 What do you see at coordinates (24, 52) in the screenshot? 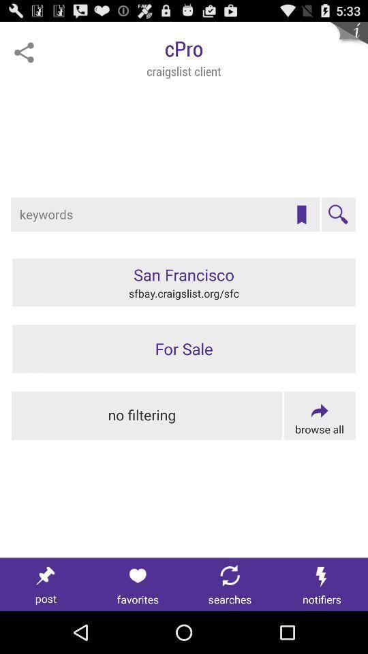
I see `share` at bounding box center [24, 52].